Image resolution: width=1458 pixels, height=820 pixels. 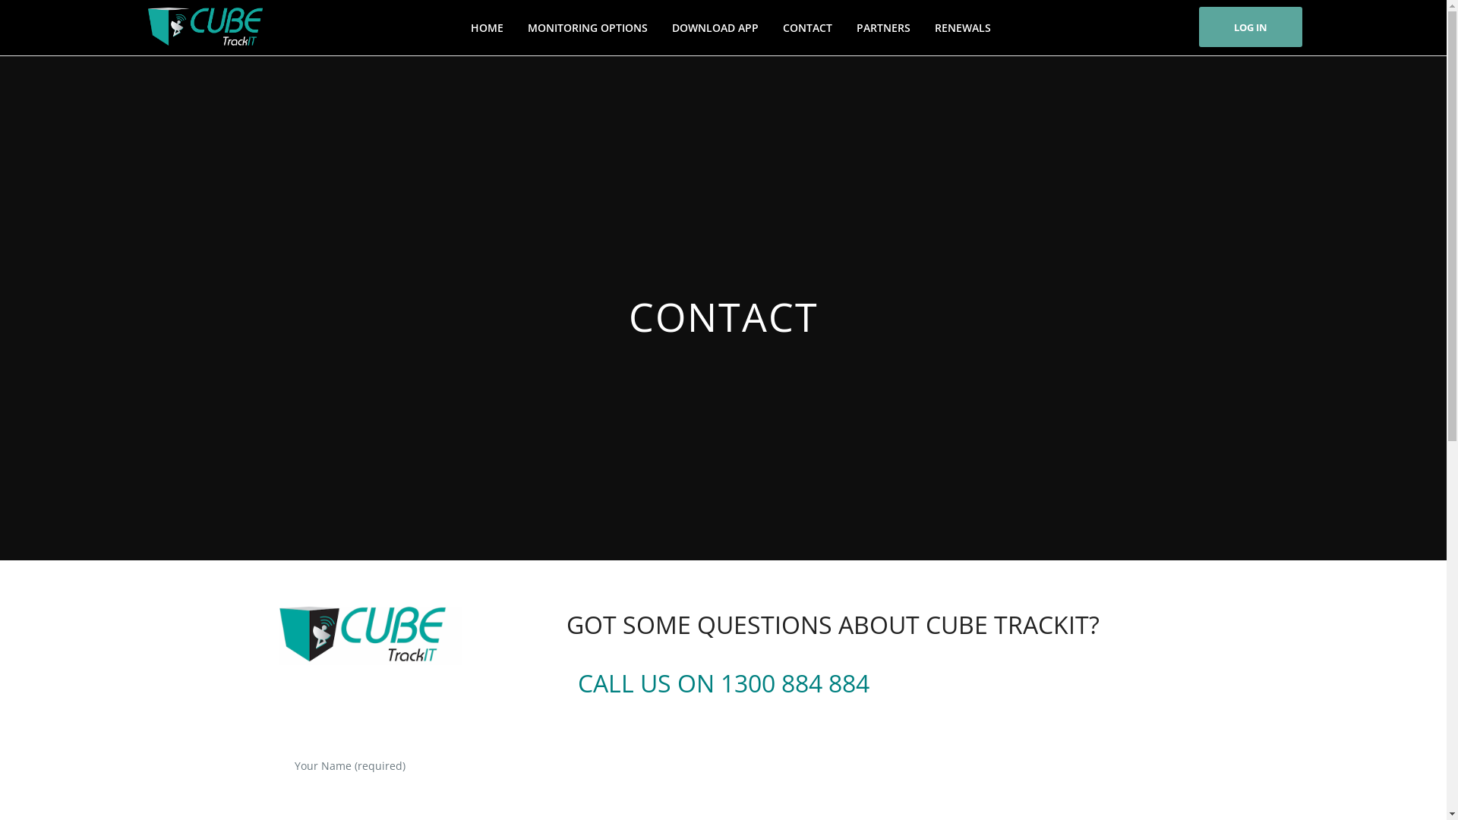 What do you see at coordinates (883, 27) in the screenshot?
I see `'PARTNERS'` at bounding box center [883, 27].